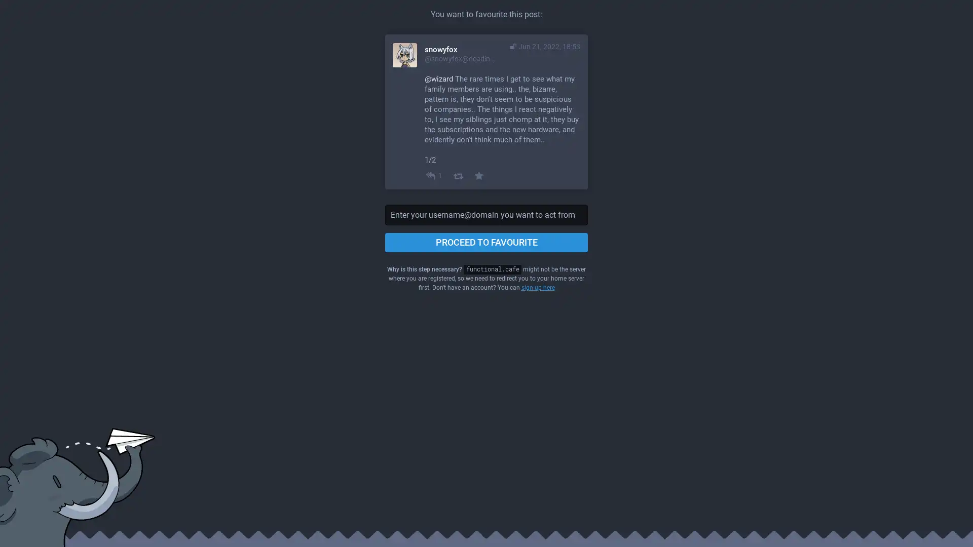 This screenshot has width=973, height=547. What do you see at coordinates (486, 242) in the screenshot?
I see `PROCEED TO FAVOURITE` at bounding box center [486, 242].